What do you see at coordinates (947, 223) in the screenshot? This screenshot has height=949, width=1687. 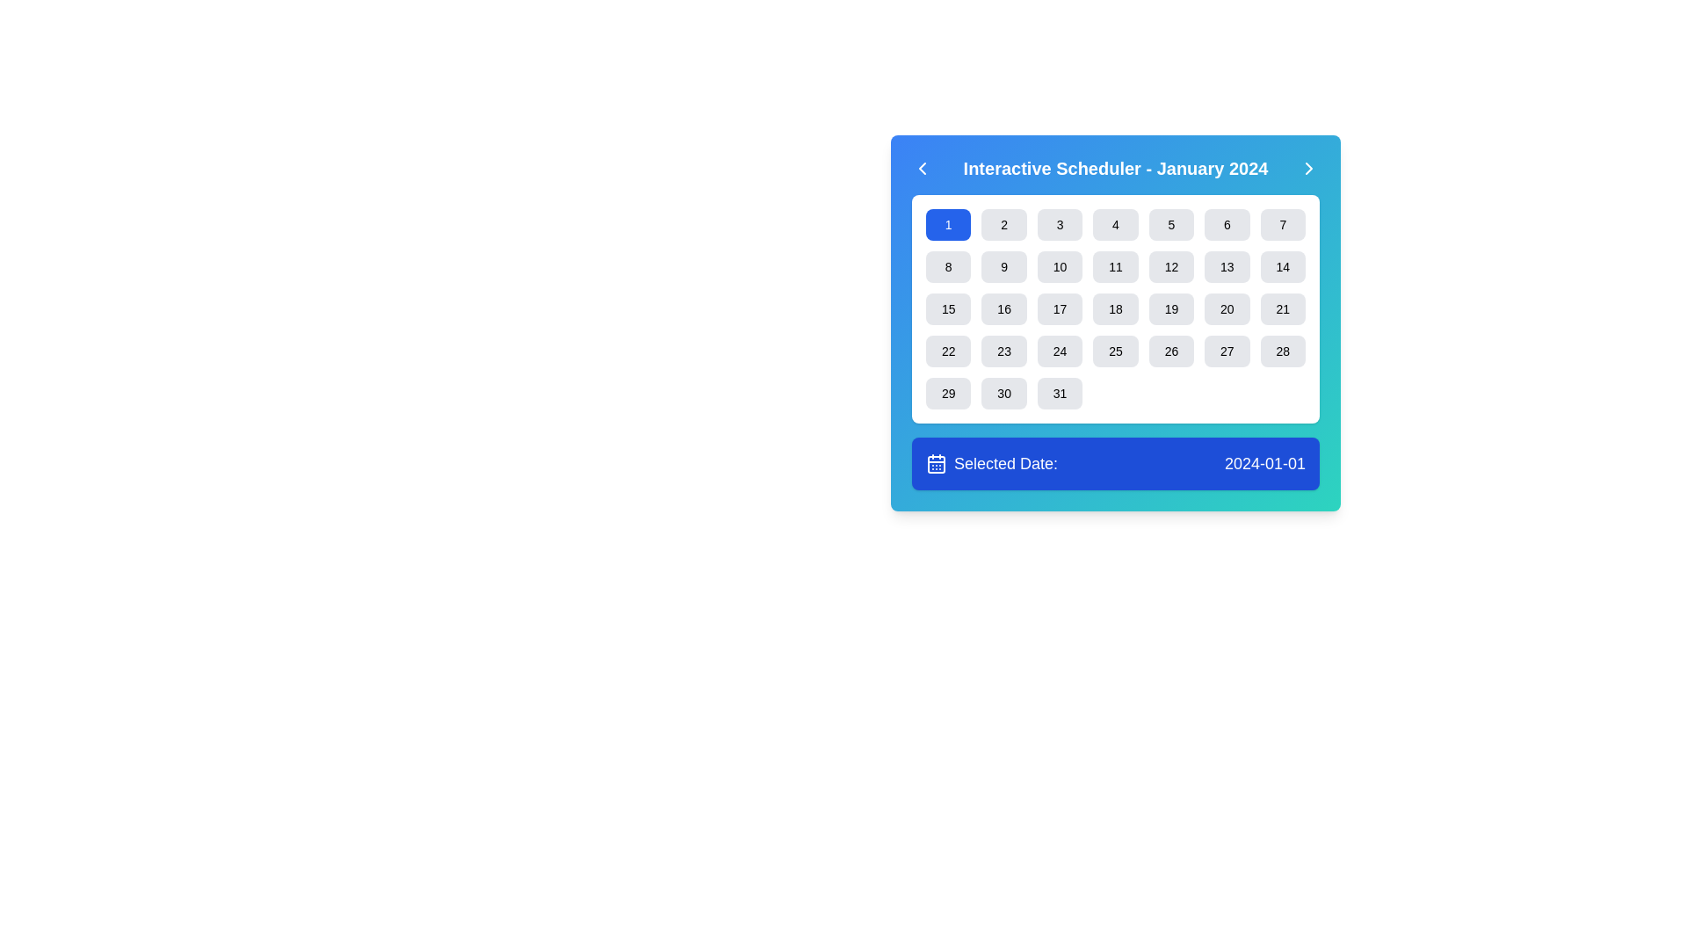 I see `the button representing the first day of the calendar month in the interactive scheduler` at bounding box center [947, 223].